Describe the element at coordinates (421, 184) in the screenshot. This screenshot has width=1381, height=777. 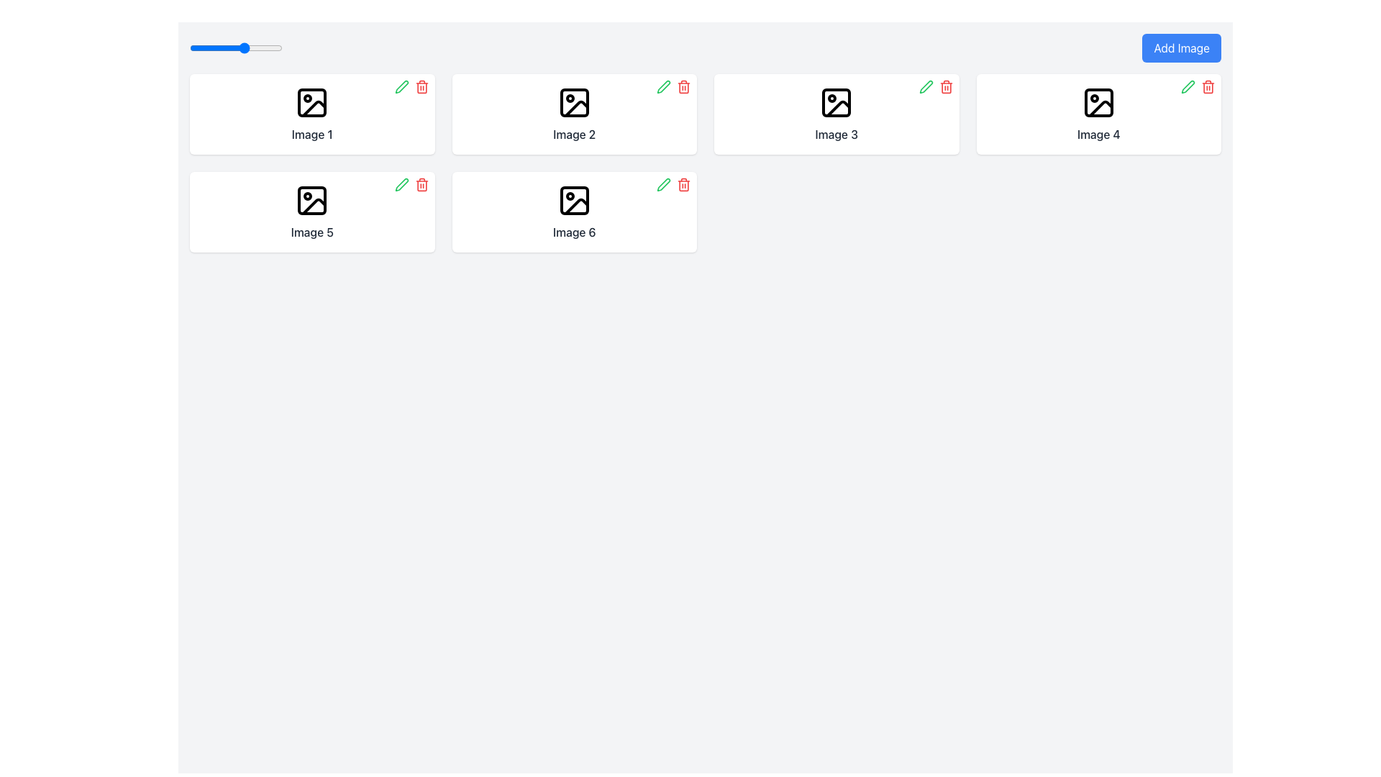
I see `the delete button located at the top right corner of the image card` at that location.